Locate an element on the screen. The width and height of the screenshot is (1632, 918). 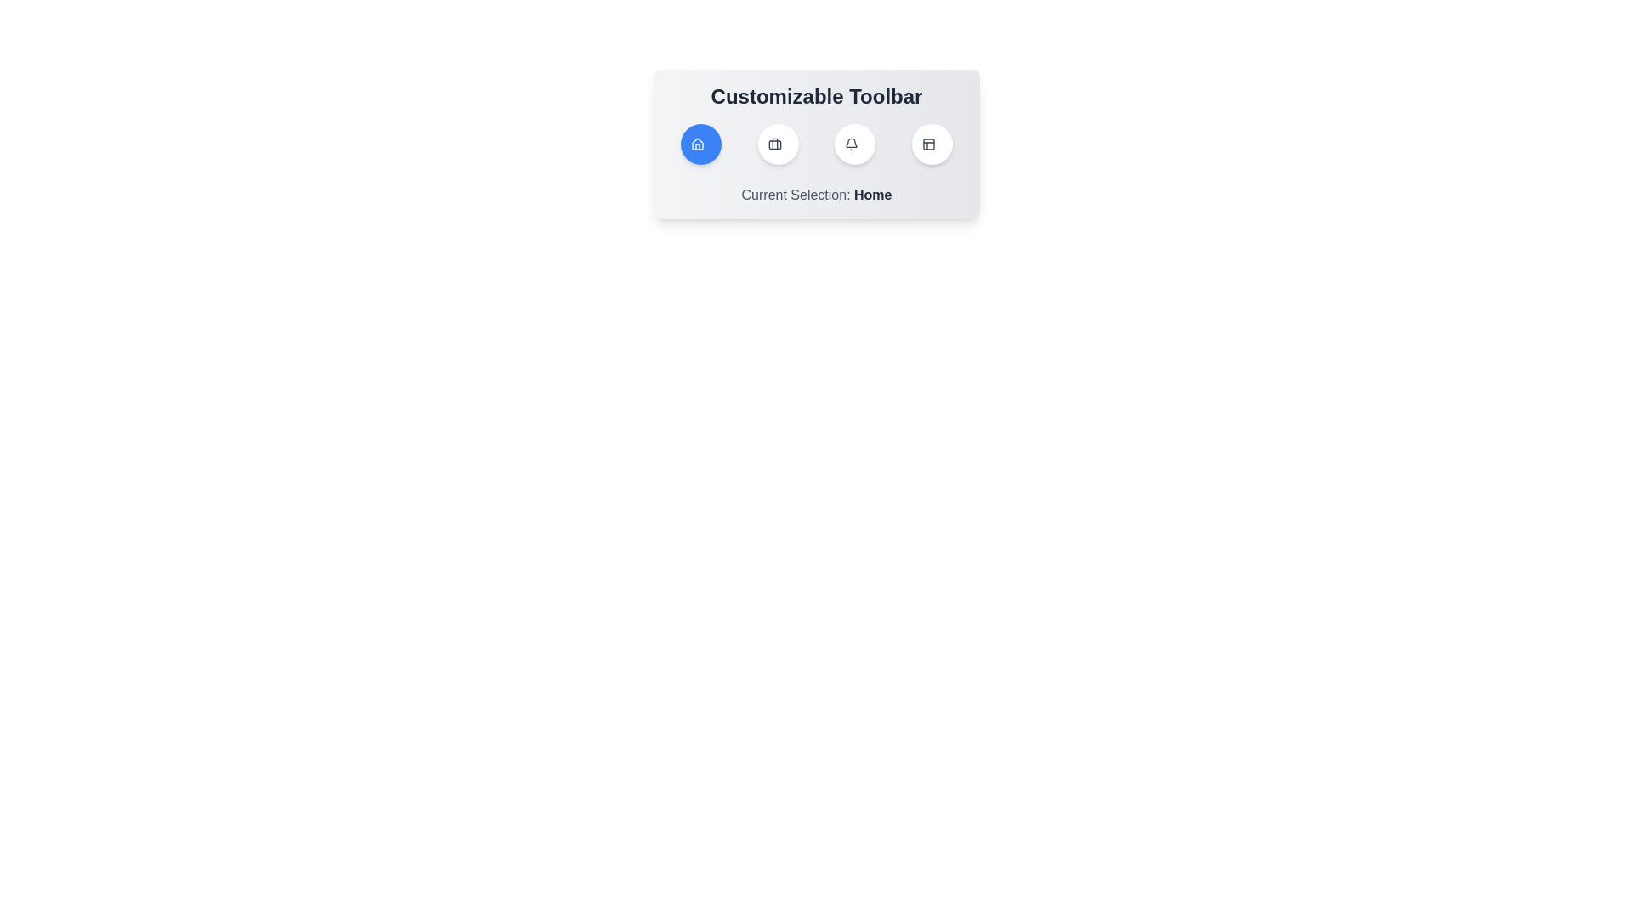
the toolbar containing circular button-like components, which is visually styled with a light gray background and slight shadow effect, indicating different functions, including a blue 'Home' button is located at coordinates (816, 143).